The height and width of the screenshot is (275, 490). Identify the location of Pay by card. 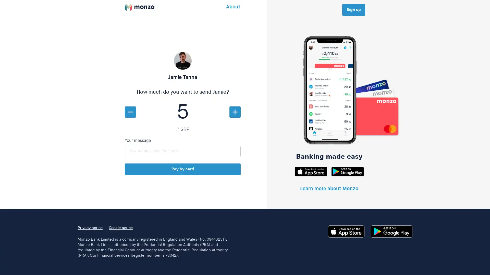
(182, 169).